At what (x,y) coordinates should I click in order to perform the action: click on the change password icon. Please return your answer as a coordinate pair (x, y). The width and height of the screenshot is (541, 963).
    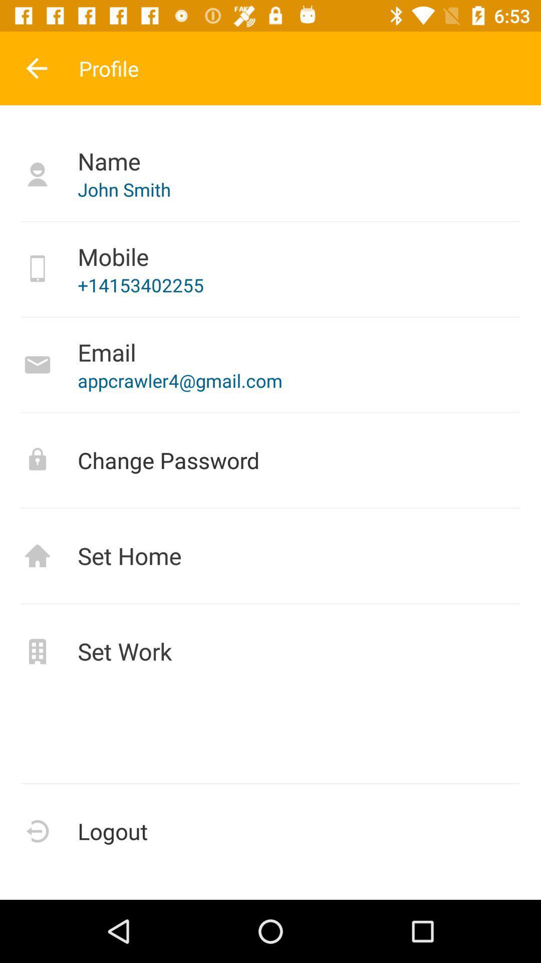
    Looking at the image, I should click on (270, 459).